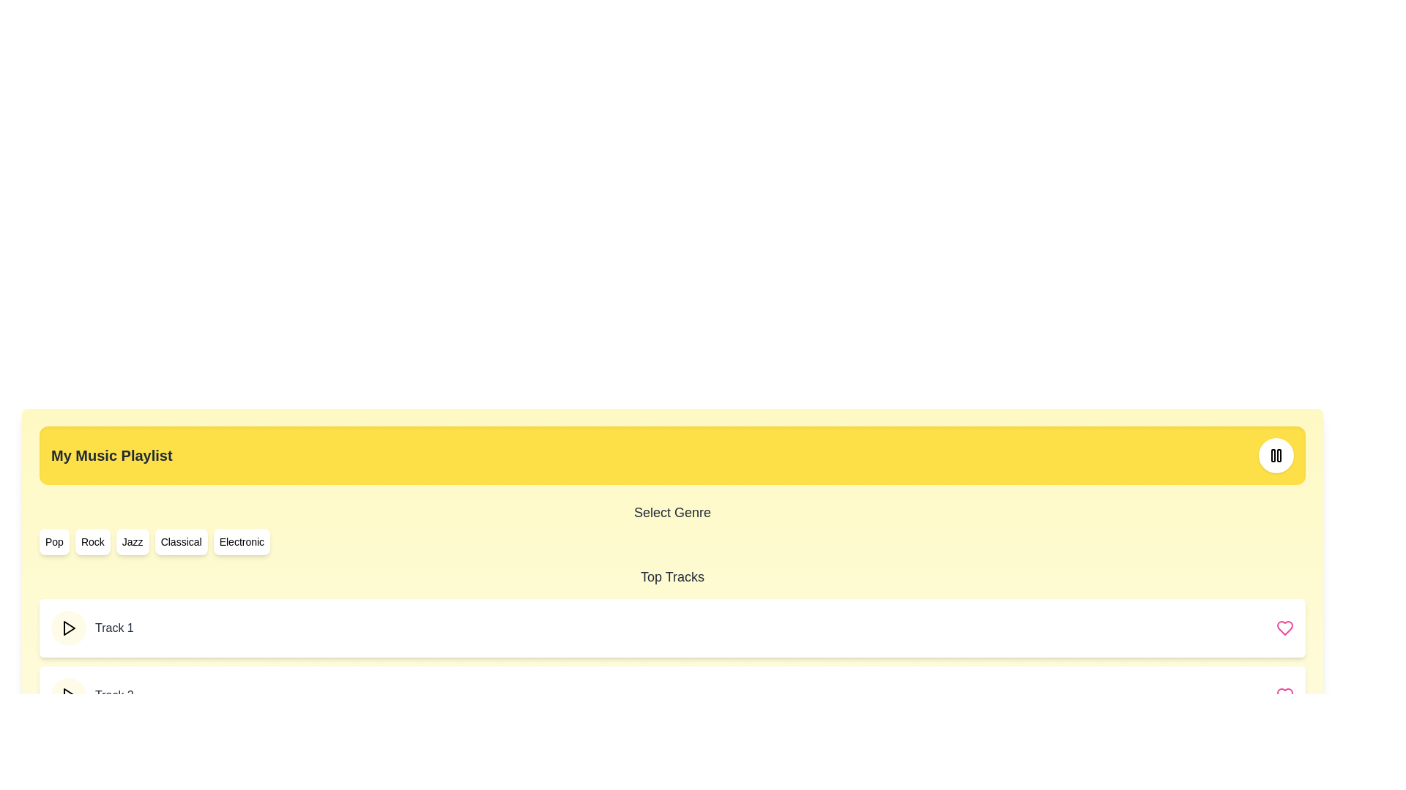 Image resolution: width=1406 pixels, height=790 pixels. What do you see at coordinates (242, 541) in the screenshot?
I see `the 'Electronic' button, which is a pill-shaped button with a white background and rounded corners, located below the 'My Music Playlist' header` at bounding box center [242, 541].